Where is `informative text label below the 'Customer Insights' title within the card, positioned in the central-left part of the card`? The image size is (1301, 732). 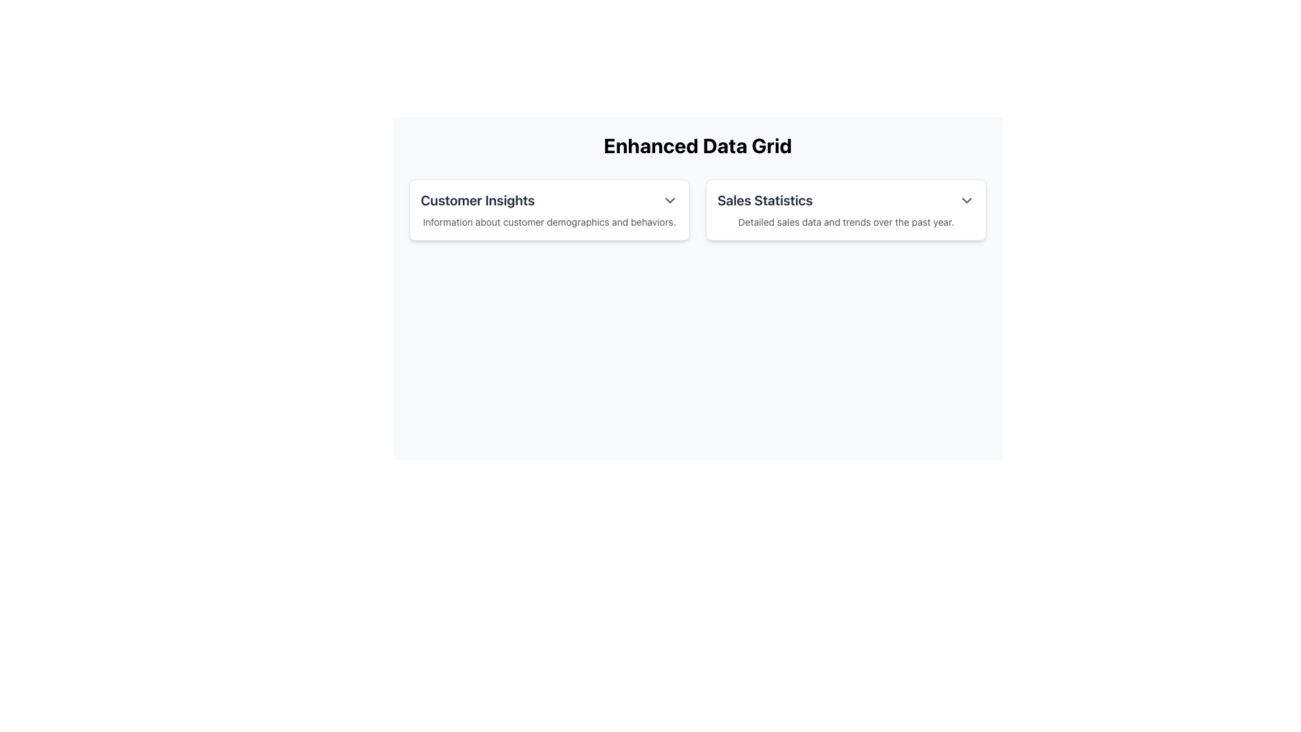
informative text label below the 'Customer Insights' title within the card, positioned in the central-left part of the card is located at coordinates (550, 221).